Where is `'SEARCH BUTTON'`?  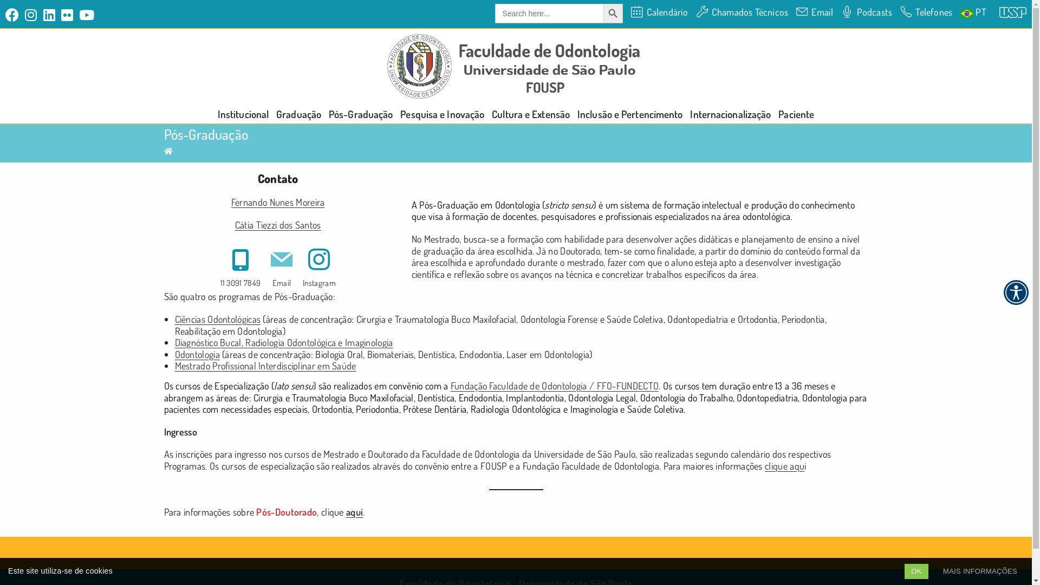 'SEARCH BUTTON' is located at coordinates (613, 13).